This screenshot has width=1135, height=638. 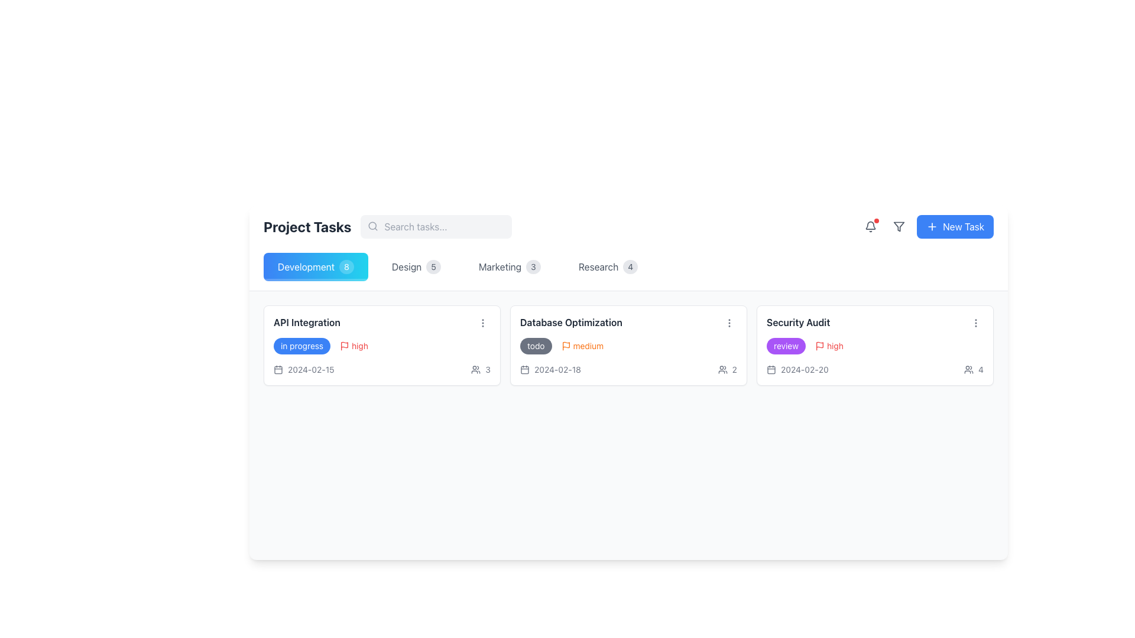 What do you see at coordinates (976, 323) in the screenshot?
I see `the vertical ellipsis icon button located in the top-right corner of the 'Security Audit' card` at bounding box center [976, 323].